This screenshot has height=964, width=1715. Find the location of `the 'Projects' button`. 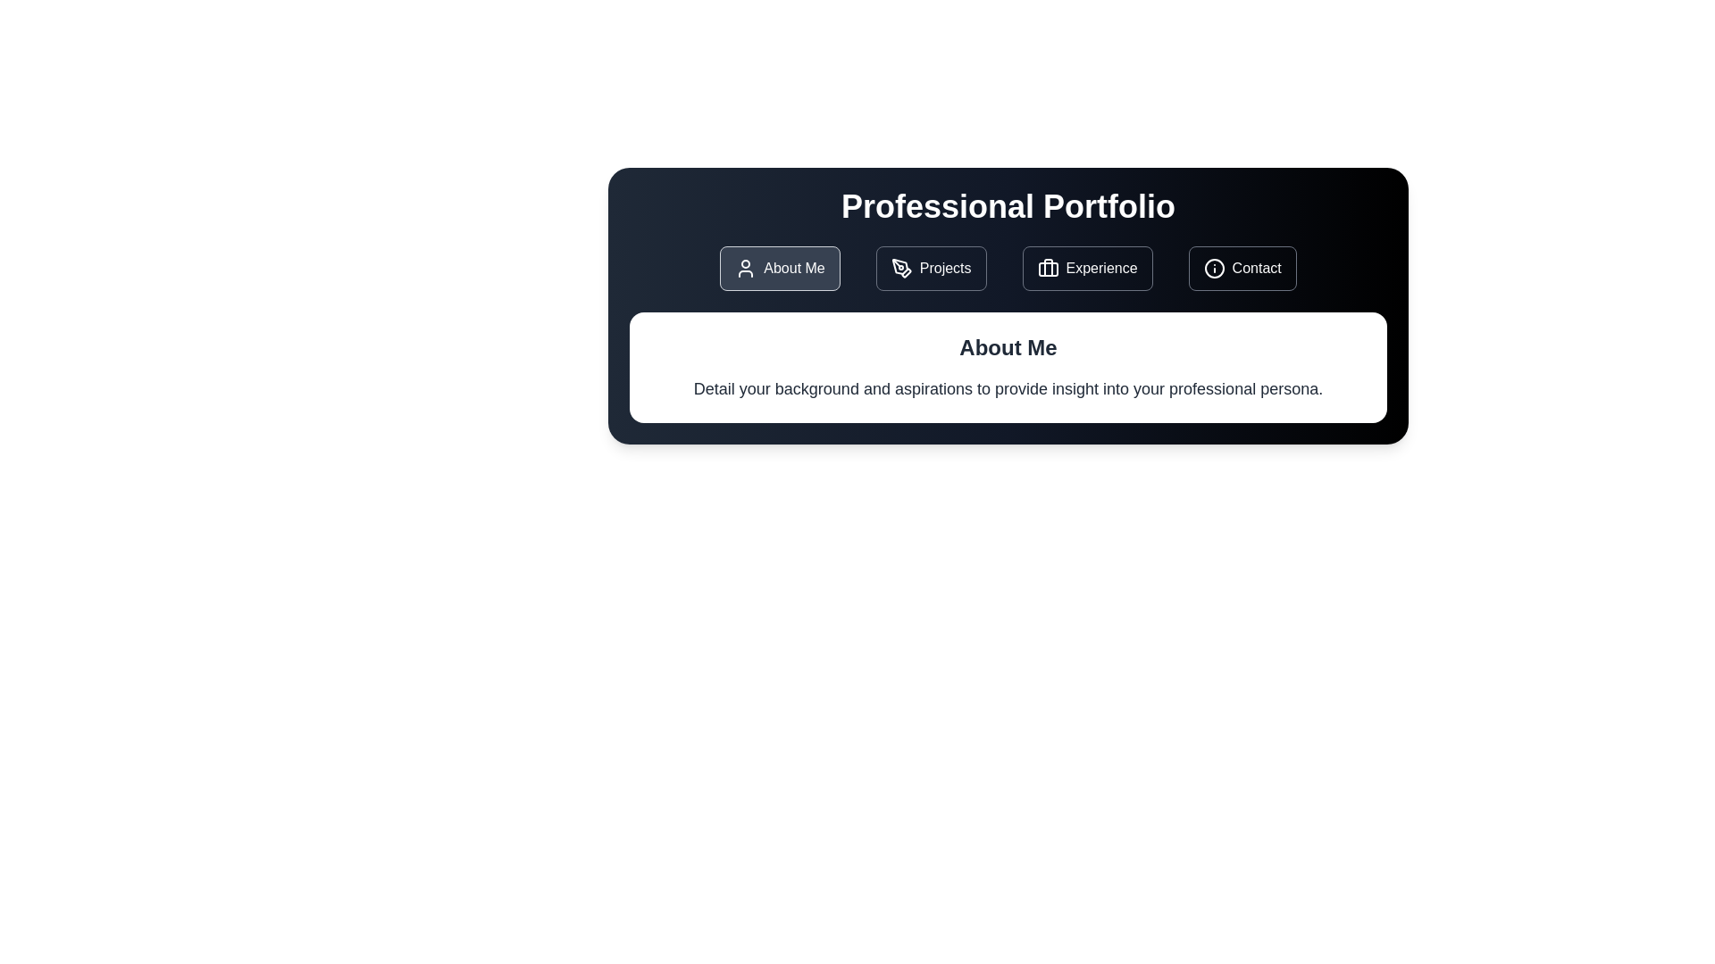

the 'Projects' button is located at coordinates (930, 268).